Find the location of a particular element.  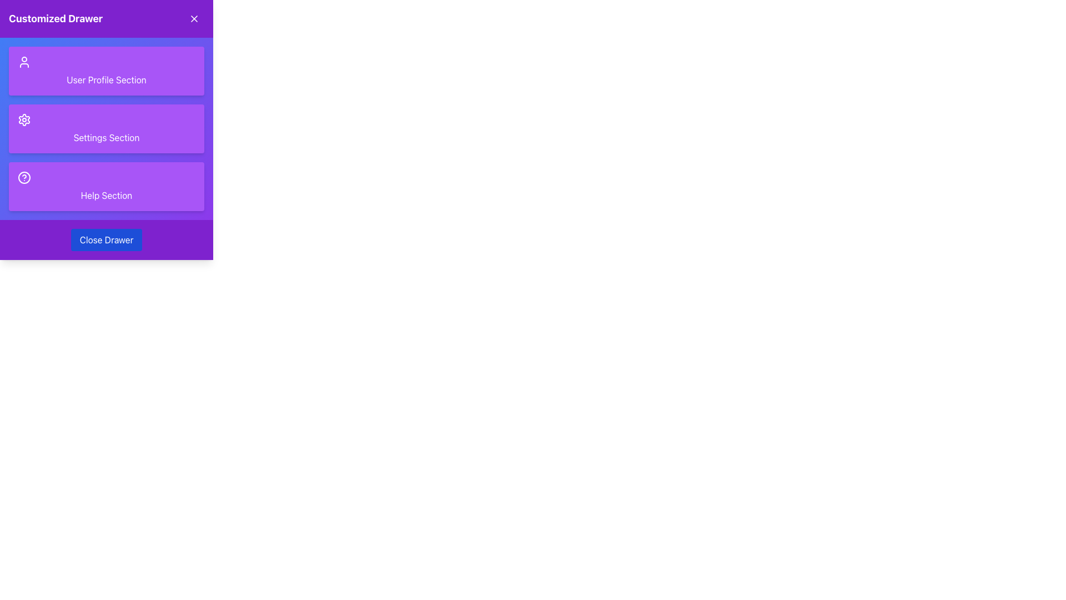

the circular question mark icon located to the left of the text 'Help Section' in the Help Section card is located at coordinates (24, 177).